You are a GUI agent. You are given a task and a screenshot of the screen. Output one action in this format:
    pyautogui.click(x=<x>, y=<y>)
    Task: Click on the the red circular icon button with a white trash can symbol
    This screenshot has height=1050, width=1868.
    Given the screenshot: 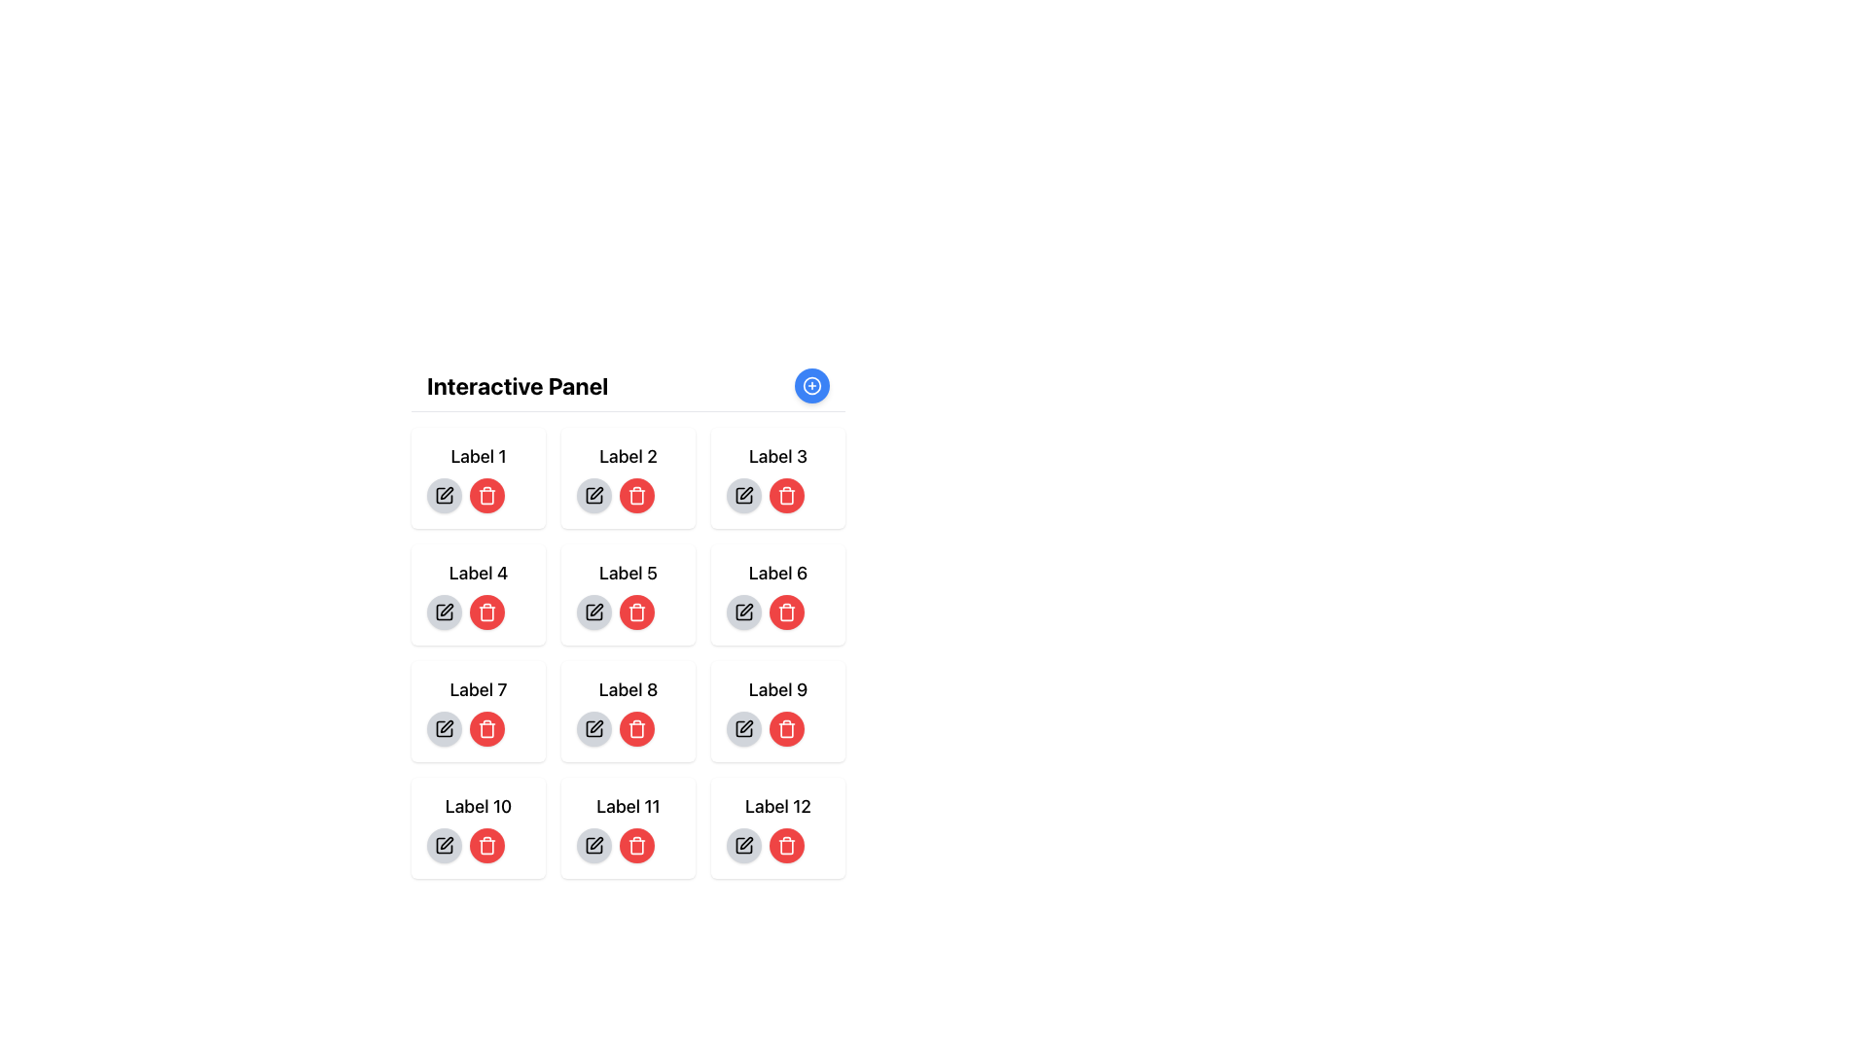 What is the action you would take?
    pyautogui.click(x=636, y=728)
    